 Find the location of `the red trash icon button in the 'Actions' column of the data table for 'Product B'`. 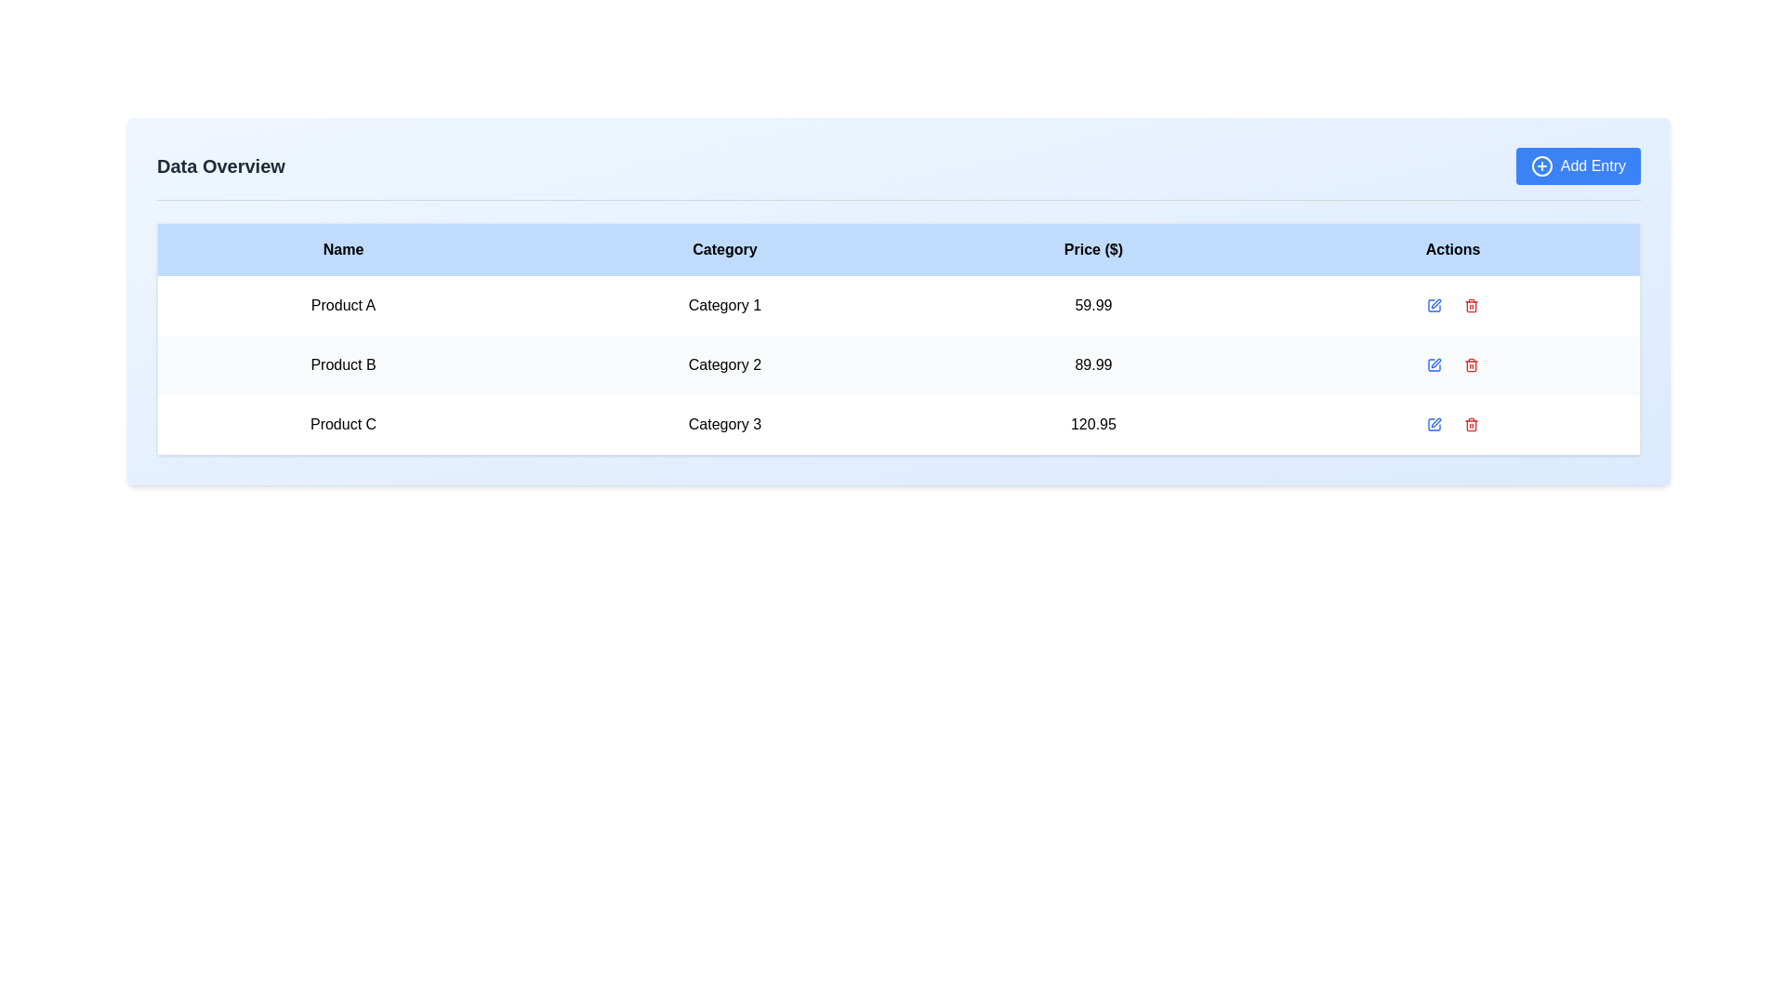

the red trash icon button in the 'Actions' column of the data table for 'Product B' is located at coordinates (1471, 365).